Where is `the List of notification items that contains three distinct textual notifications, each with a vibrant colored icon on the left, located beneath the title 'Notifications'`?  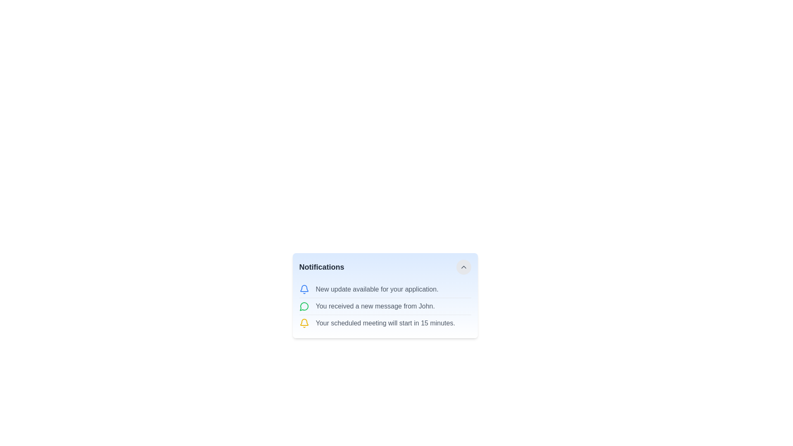
the List of notification items that contains three distinct textual notifications, each with a vibrant colored icon on the left, located beneath the title 'Notifications' is located at coordinates (385, 306).